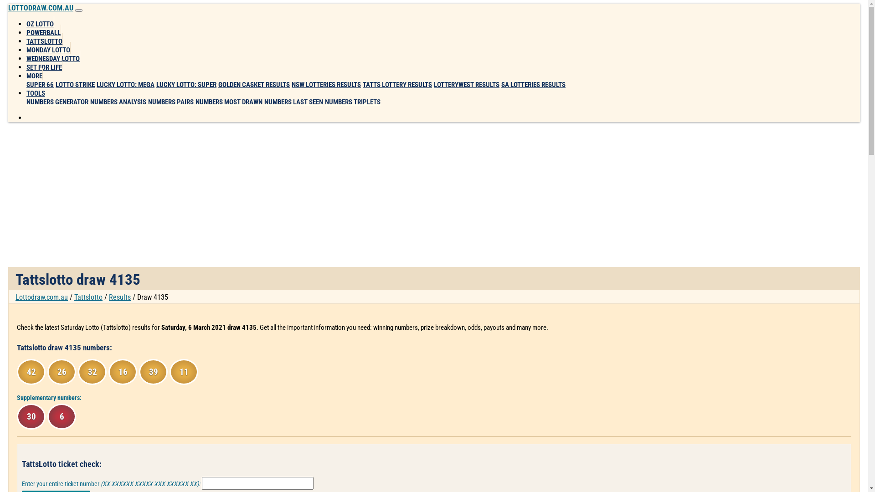  I want to click on 'LUCKY LOTTO: SUPER', so click(156, 84).